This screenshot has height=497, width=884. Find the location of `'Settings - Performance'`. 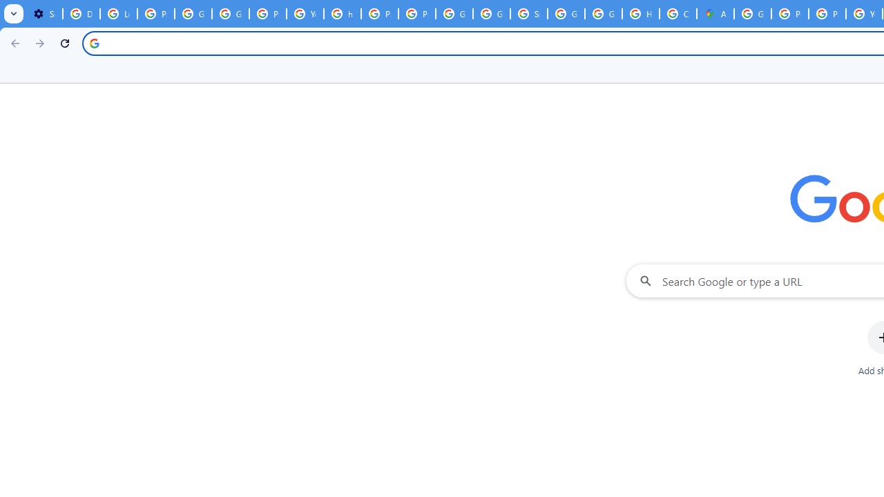

'Settings - Performance' is located at coordinates (44, 14).